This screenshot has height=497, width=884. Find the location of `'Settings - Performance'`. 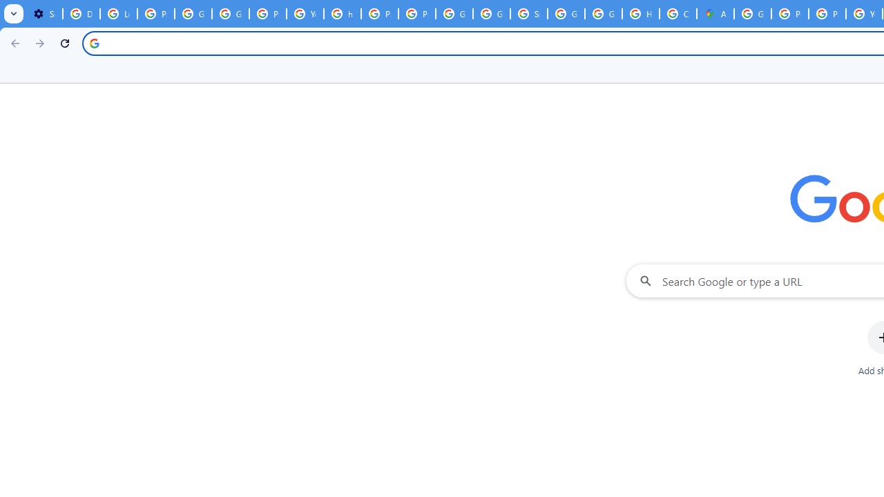

'Settings - Performance' is located at coordinates (44, 14).